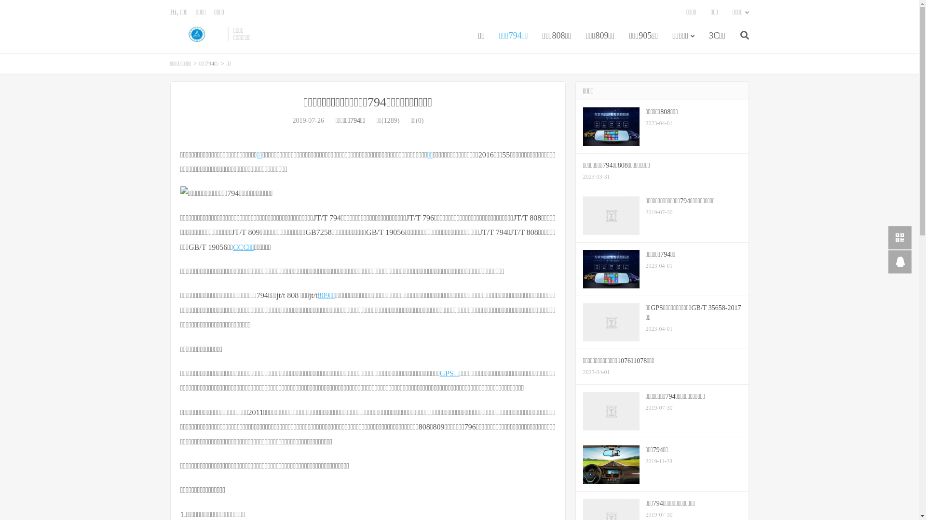 Image resolution: width=926 pixels, height=520 pixels. What do you see at coordinates (446, 373) in the screenshot?
I see `'GPS'` at bounding box center [446, 373].